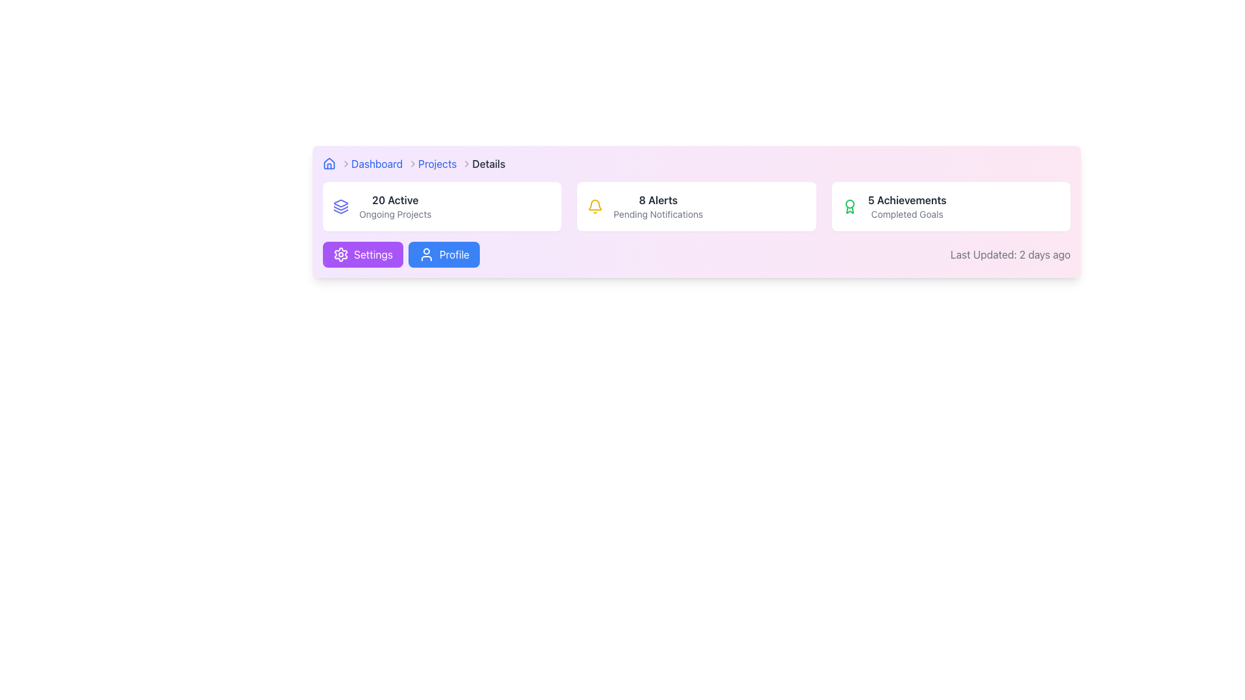  Describe the element at coordinates (341, 206) in the screenshot. I see `the Decorative Icon representing layers, which is the first icon within the card labeled '20 Active' describing 'Ongoing Projects'` at that location.